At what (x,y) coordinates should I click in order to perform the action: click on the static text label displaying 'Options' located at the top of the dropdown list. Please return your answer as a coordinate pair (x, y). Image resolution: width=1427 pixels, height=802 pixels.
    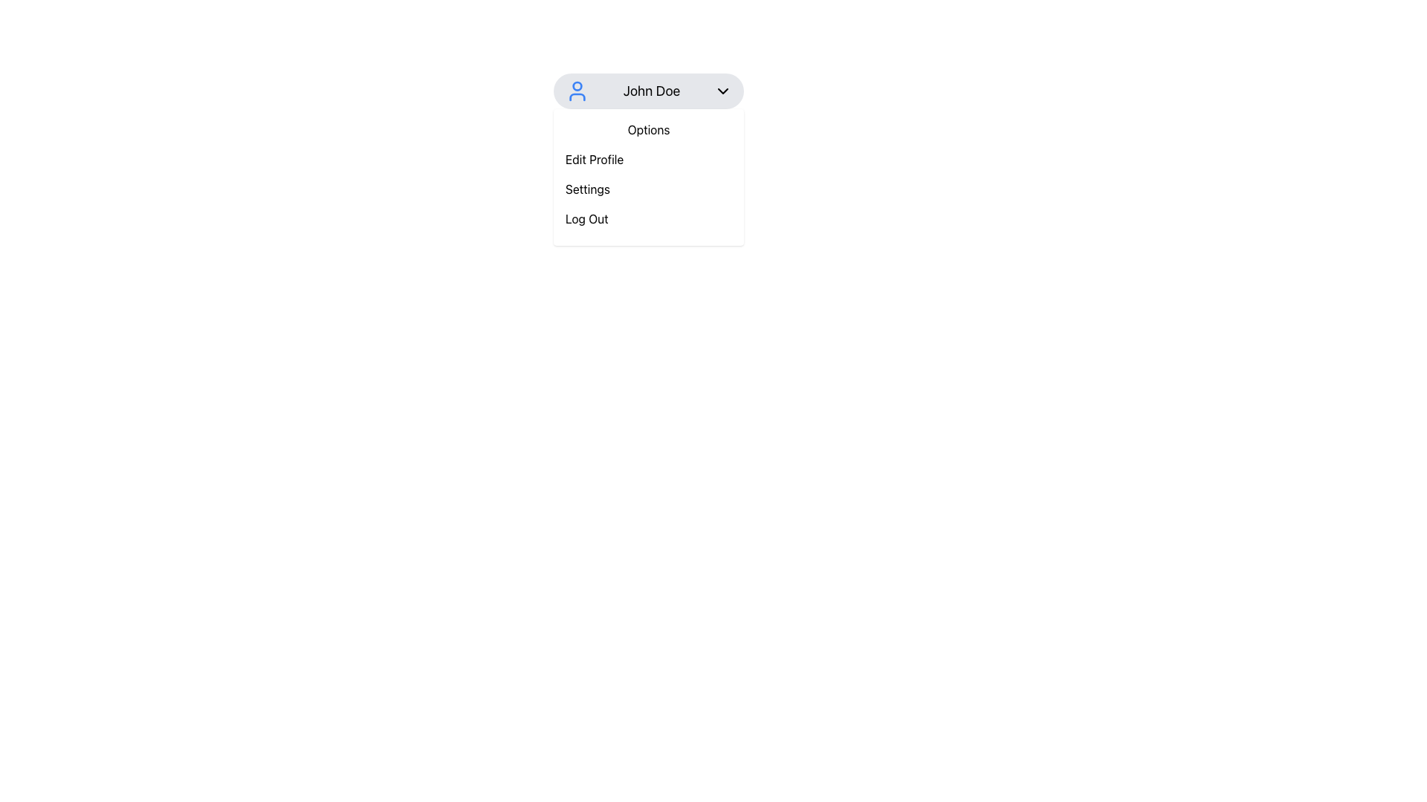
    Looking at the image, I should click on (649, 128).